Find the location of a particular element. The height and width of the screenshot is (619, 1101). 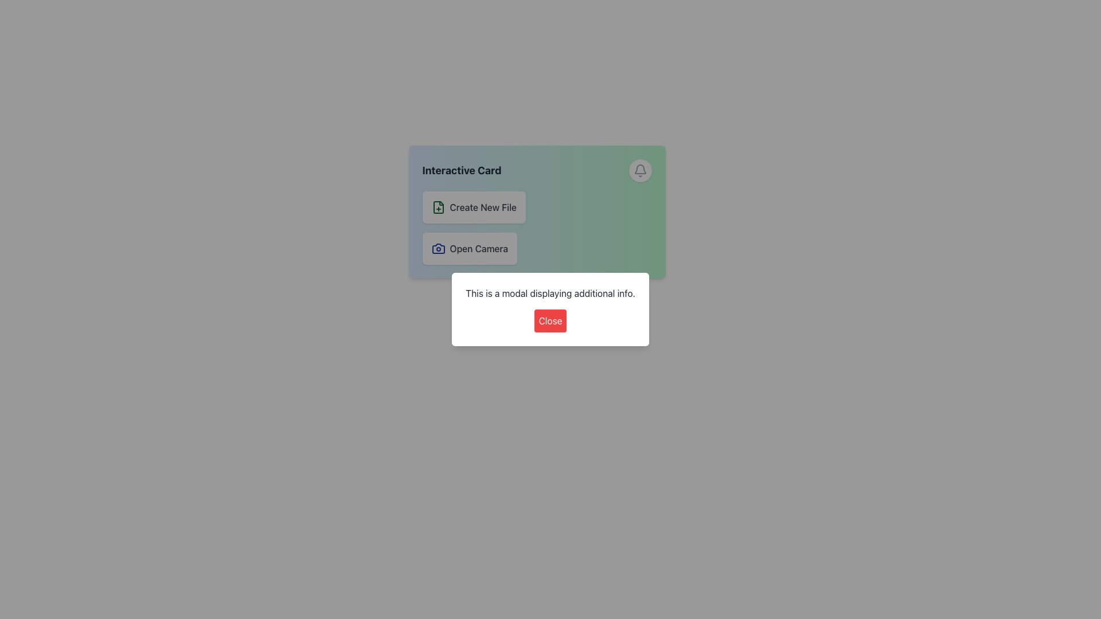

the 'Close' button of the modal dialog that presents messages and interaction options to the user is located at coordinates (550, 309).